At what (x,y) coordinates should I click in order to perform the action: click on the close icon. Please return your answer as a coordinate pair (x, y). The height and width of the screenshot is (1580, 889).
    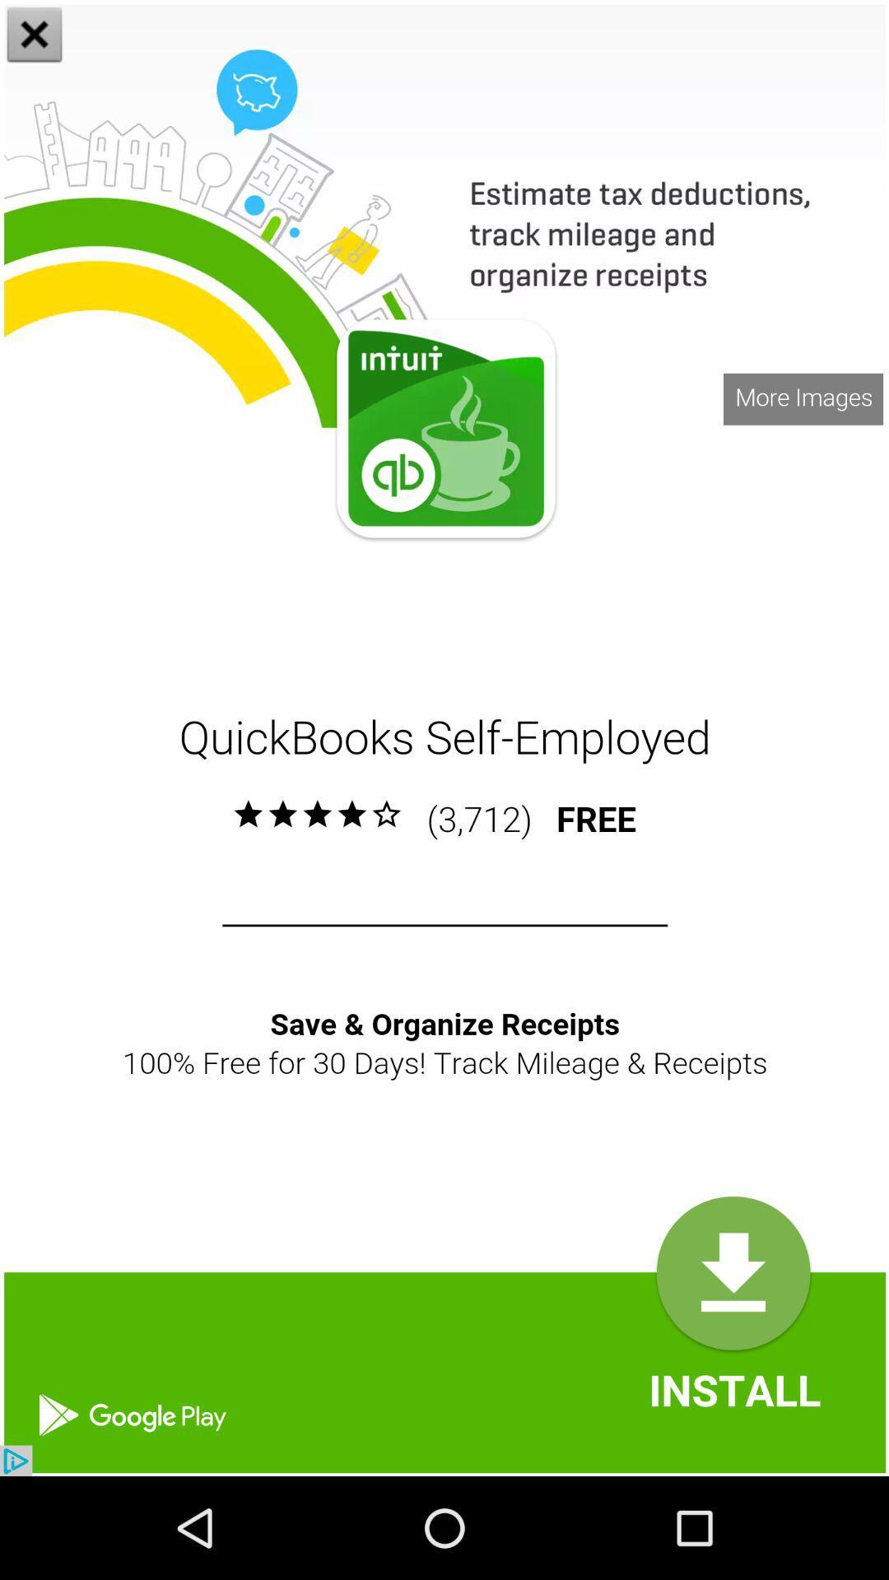
    Looking at the image, I should click on (35, 36).